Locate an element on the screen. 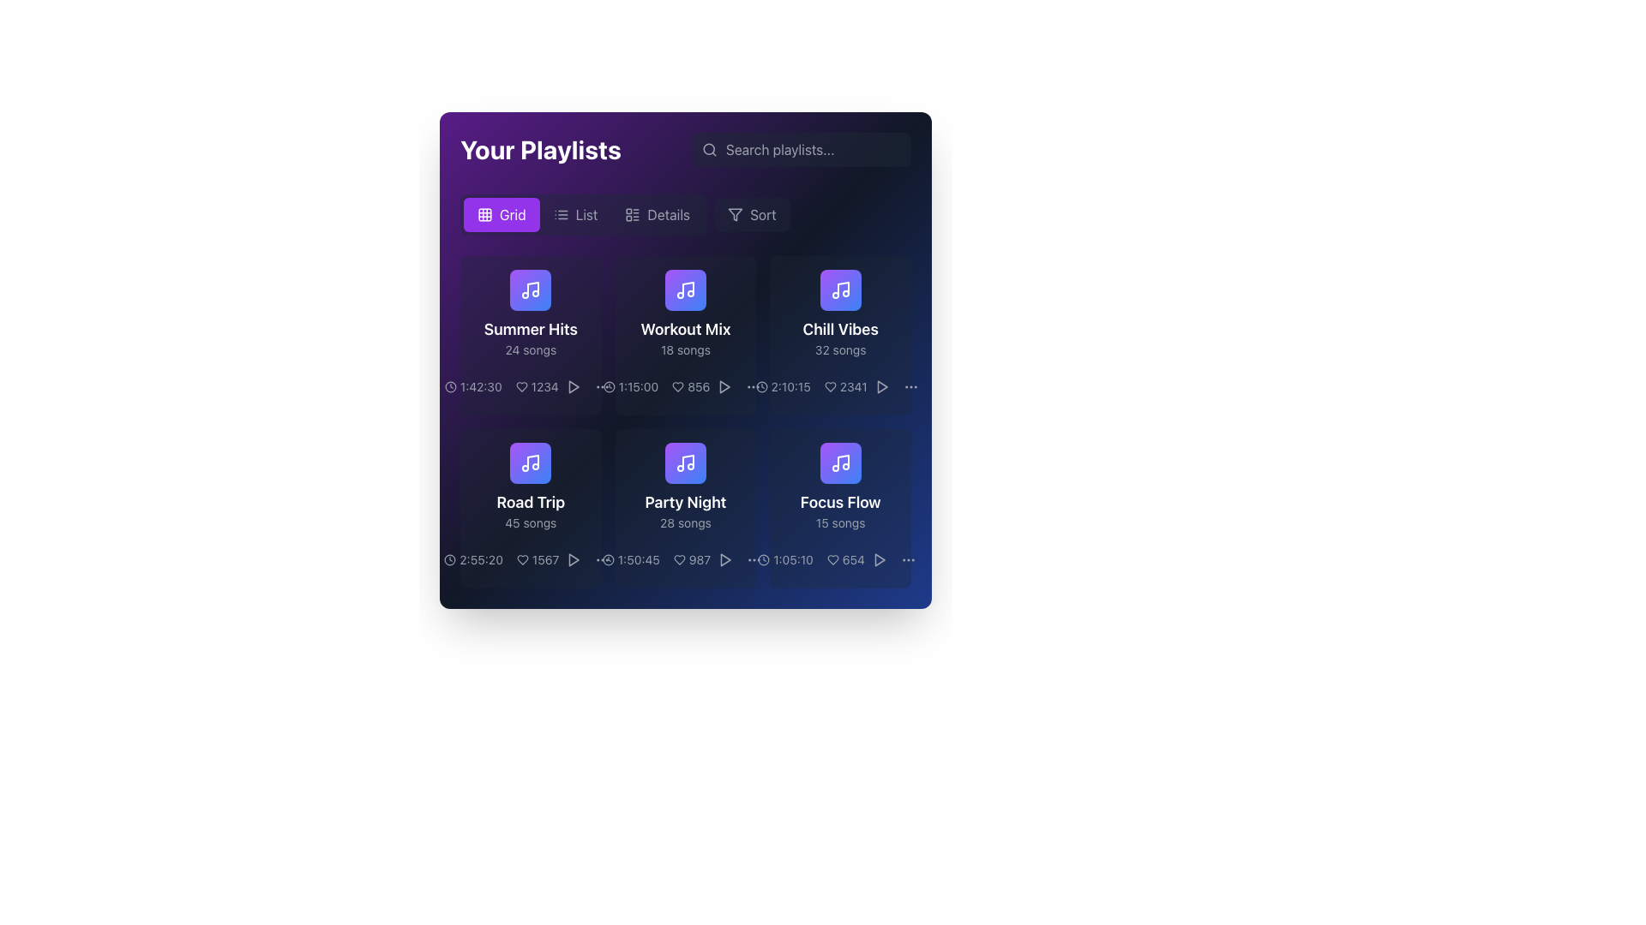 The height and width of the screenshot is (925, 1646). the text label displaying '32 songs' located below the title 'Chill Vibes' in the 'Your Playlists' section is located at coordinates (840, 349).